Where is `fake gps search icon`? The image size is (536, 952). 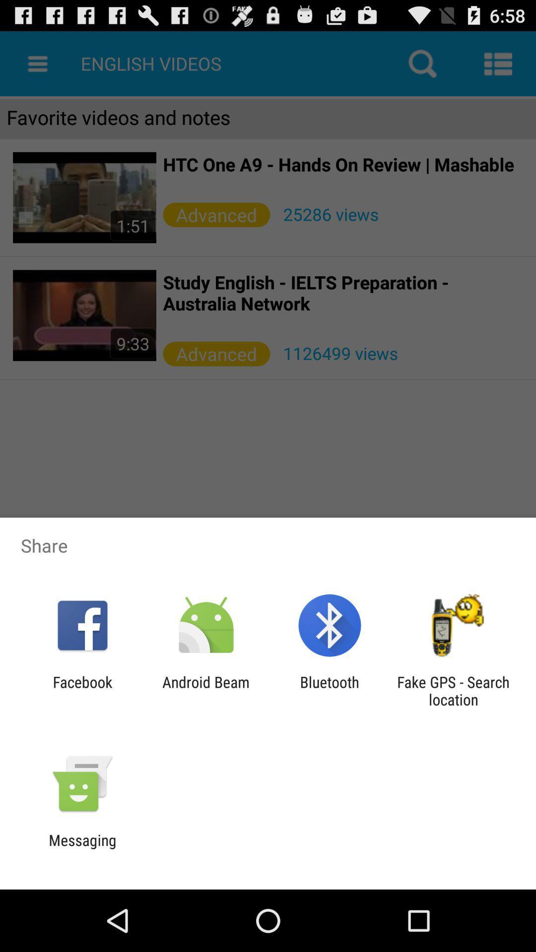 fake gps search icon is located at coordinates (453, 690).